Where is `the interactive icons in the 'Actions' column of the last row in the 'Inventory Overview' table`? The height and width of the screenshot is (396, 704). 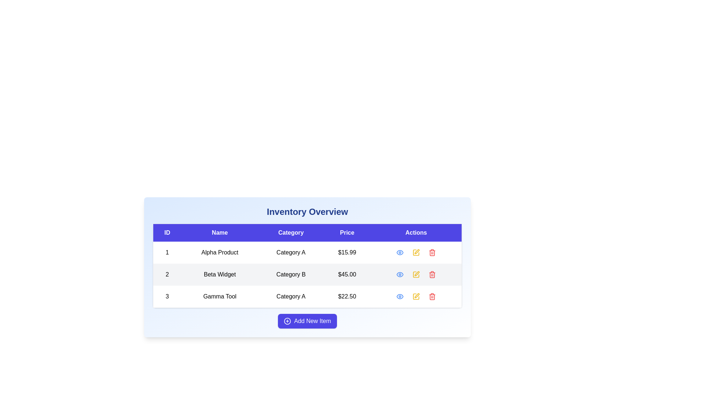 the interactive icons in the 'Actions' column of the last row in the 'Inventory Overview' table is located at coordinates (416, 296).